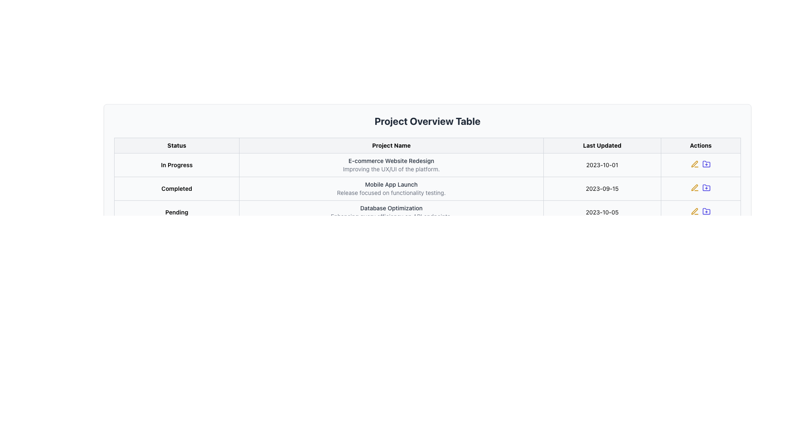  Describe the element at coordinates (700, 212) in the screenshot. I see `the pencil icon in the 'Actions' column for the row labeled 'Pending Database Optimization' to initiate editing` at that location.